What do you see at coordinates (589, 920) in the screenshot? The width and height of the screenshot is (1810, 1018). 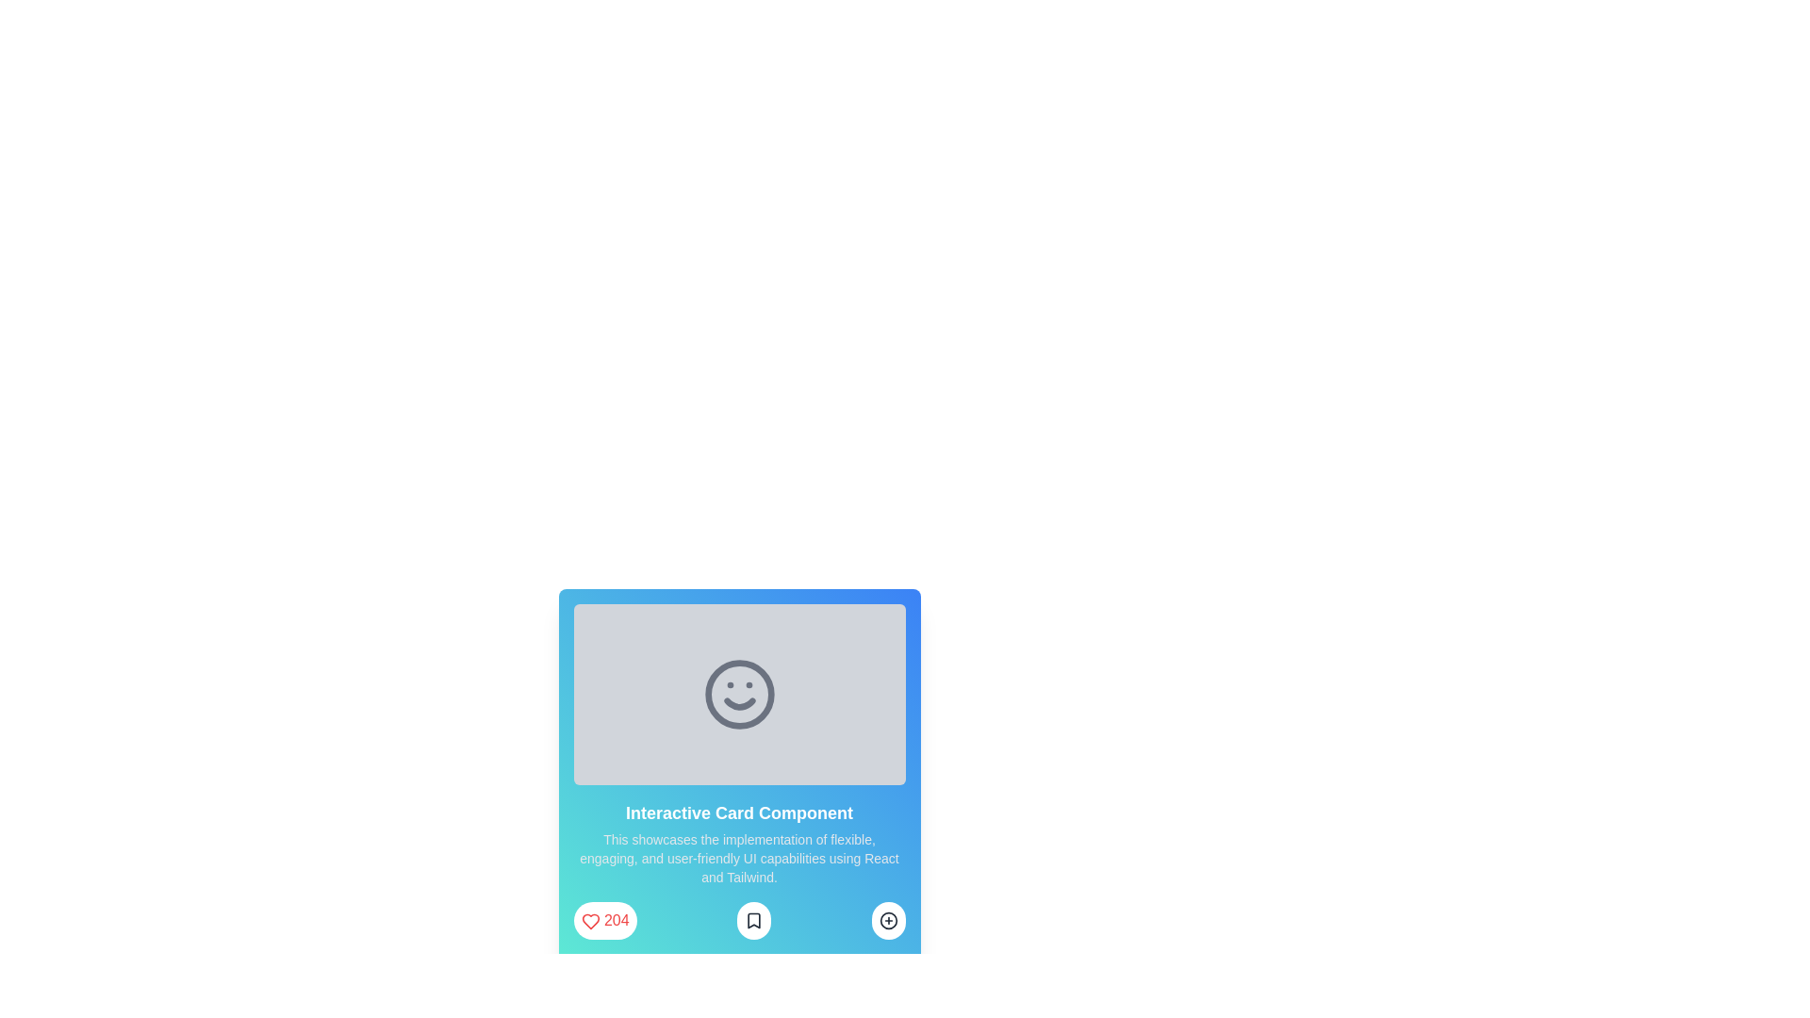 I see `the favorite icon located at the bottom-left corner of the card component, which toggles its state` at bounding box center [589, 920].